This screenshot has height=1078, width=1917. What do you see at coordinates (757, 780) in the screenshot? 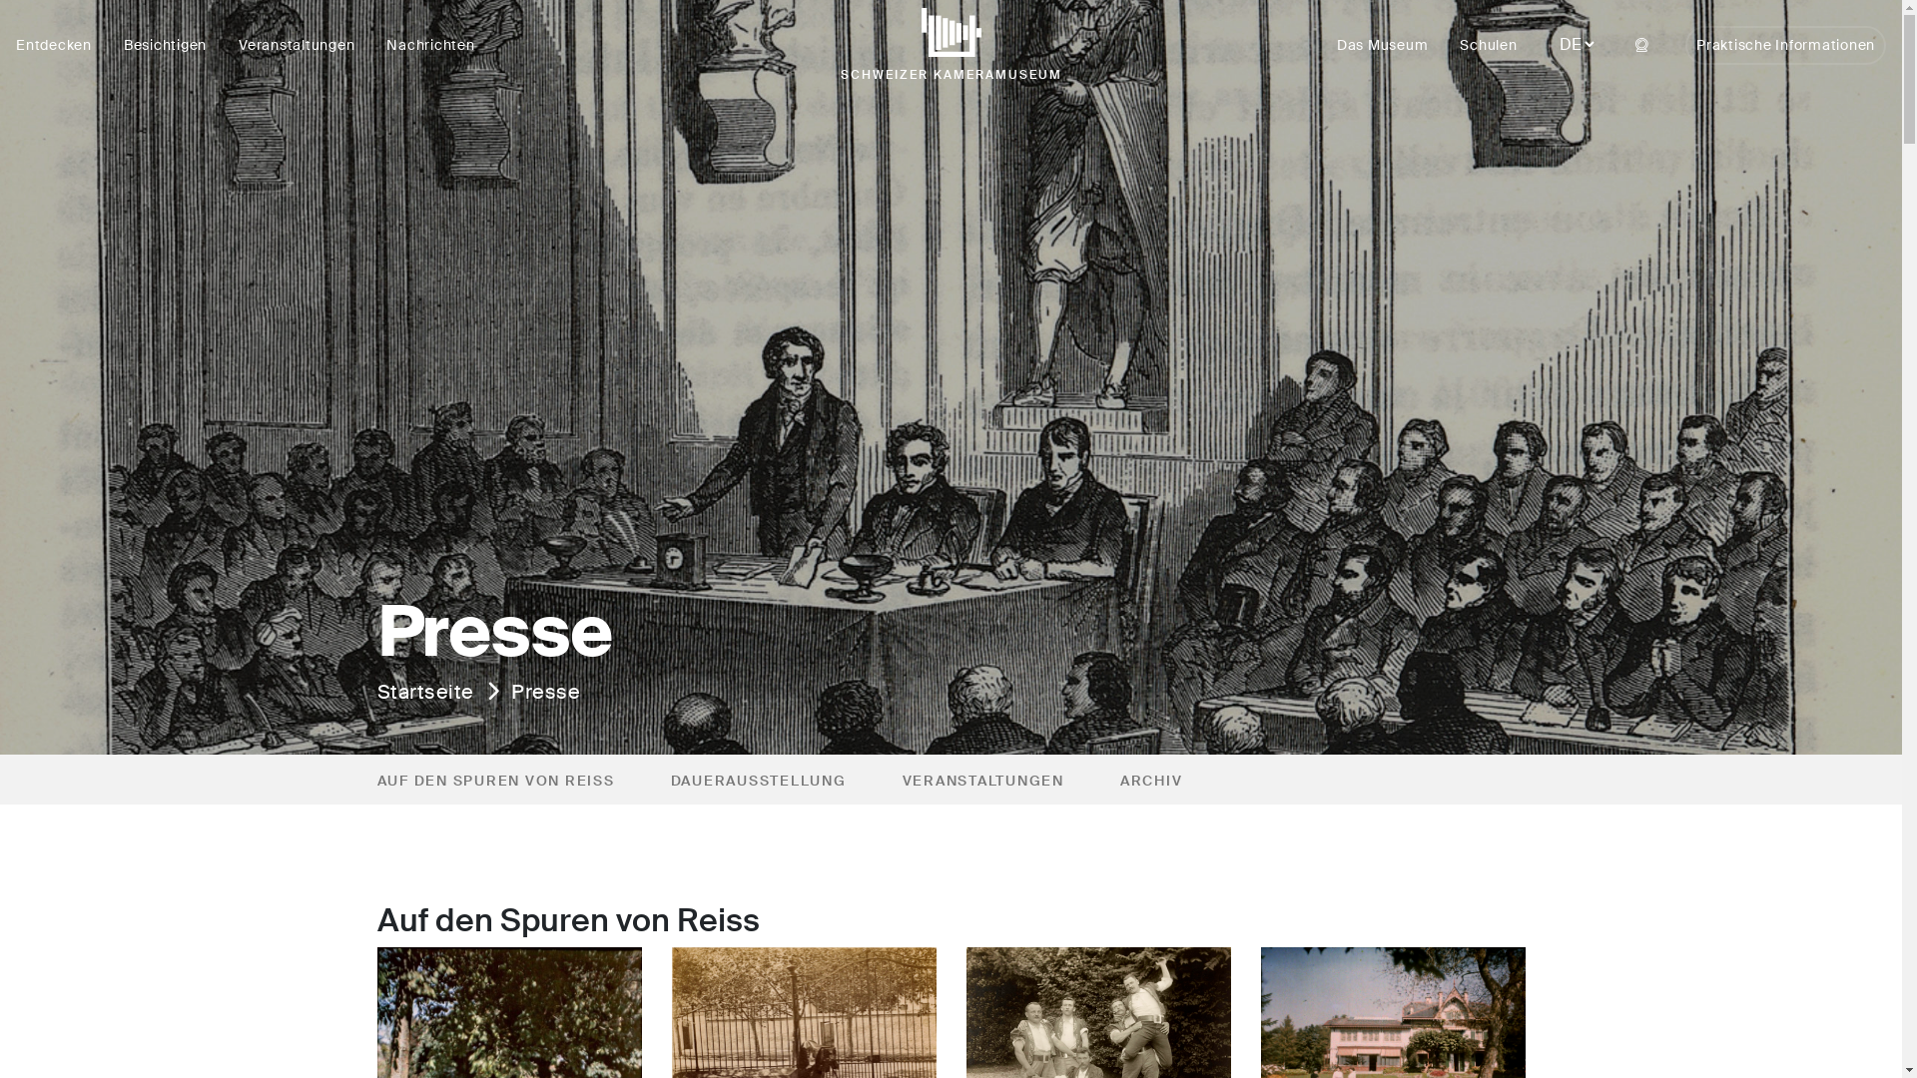
I see `'DAUERAUSSTELLUNG'` at bounding box center [757, 780].